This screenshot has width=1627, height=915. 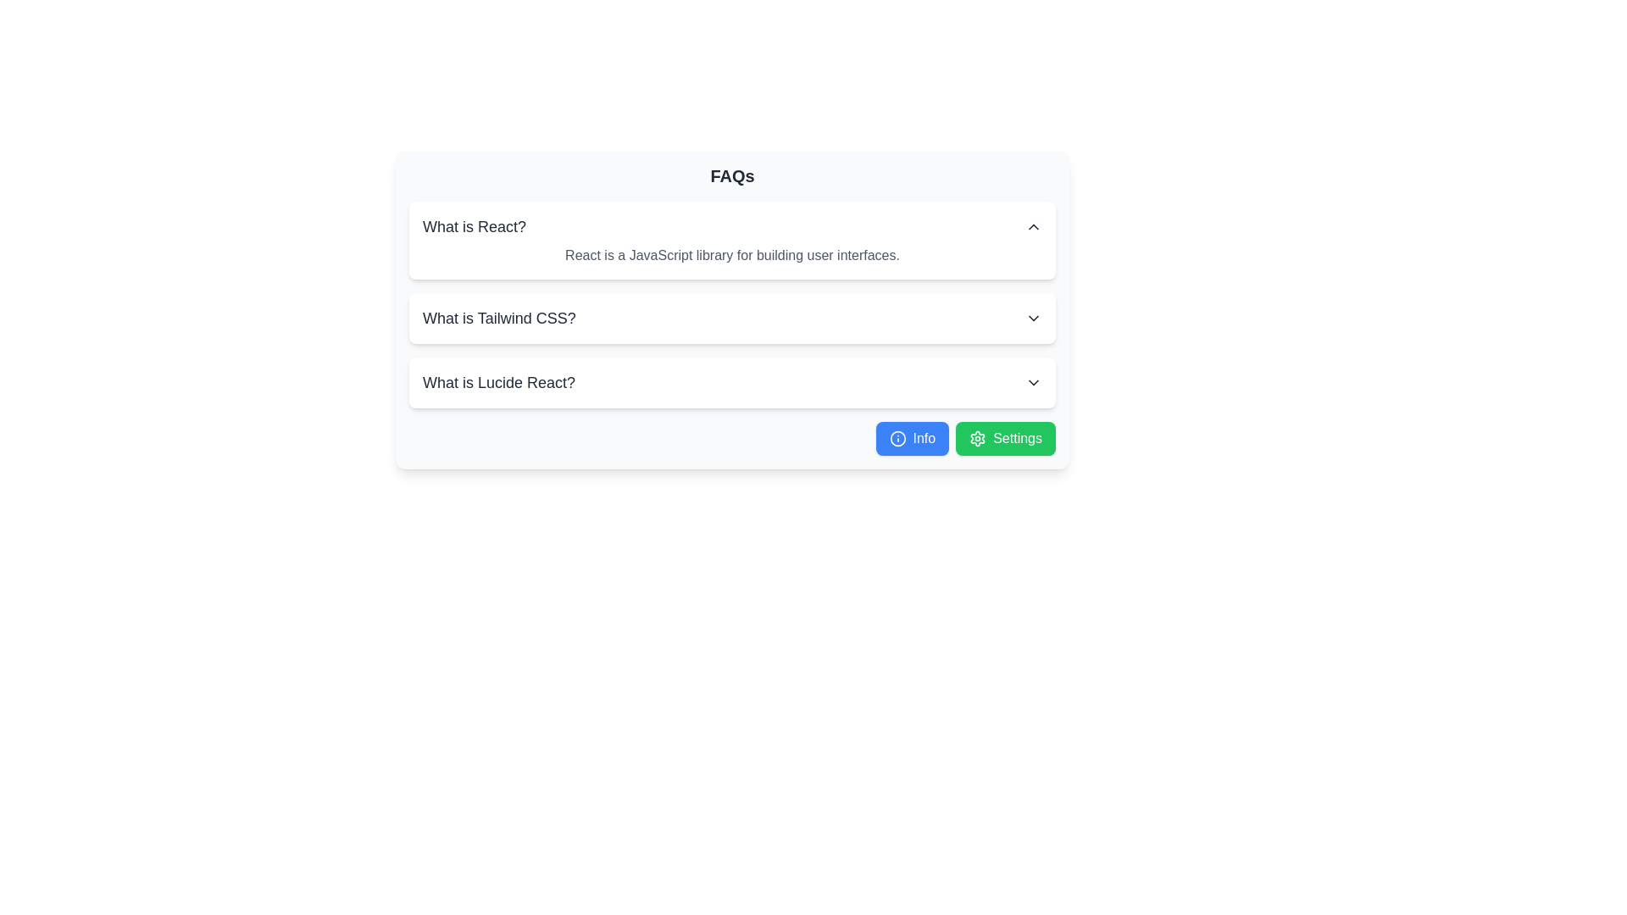 I want to click on the second question header, so click(x=498, y=318).